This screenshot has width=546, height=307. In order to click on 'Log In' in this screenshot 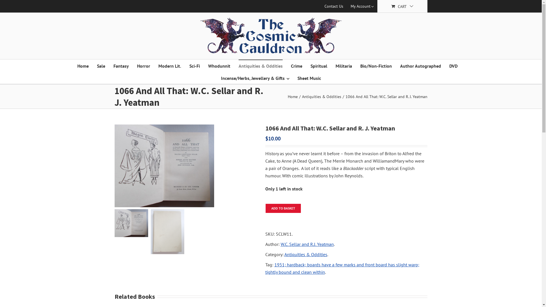, I will do `click(352, 60)`.